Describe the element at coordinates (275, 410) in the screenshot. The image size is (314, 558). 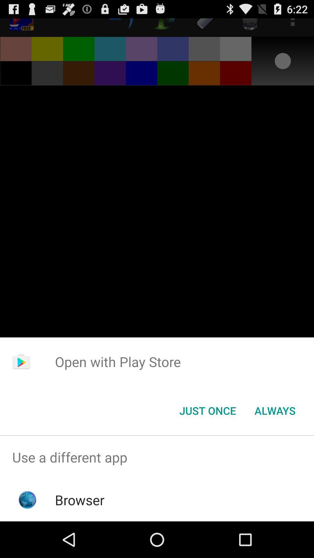
I see `always button` at that location.